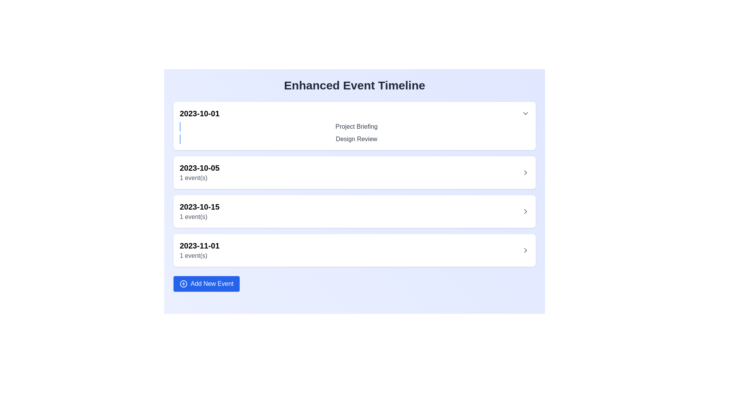 This screenshot has width=747, height=420. I want to click on text from the Text Label displaying '1 event(s)' which is positioned below the bold text '2023-10-15' in the third list item, so click(200, 217).